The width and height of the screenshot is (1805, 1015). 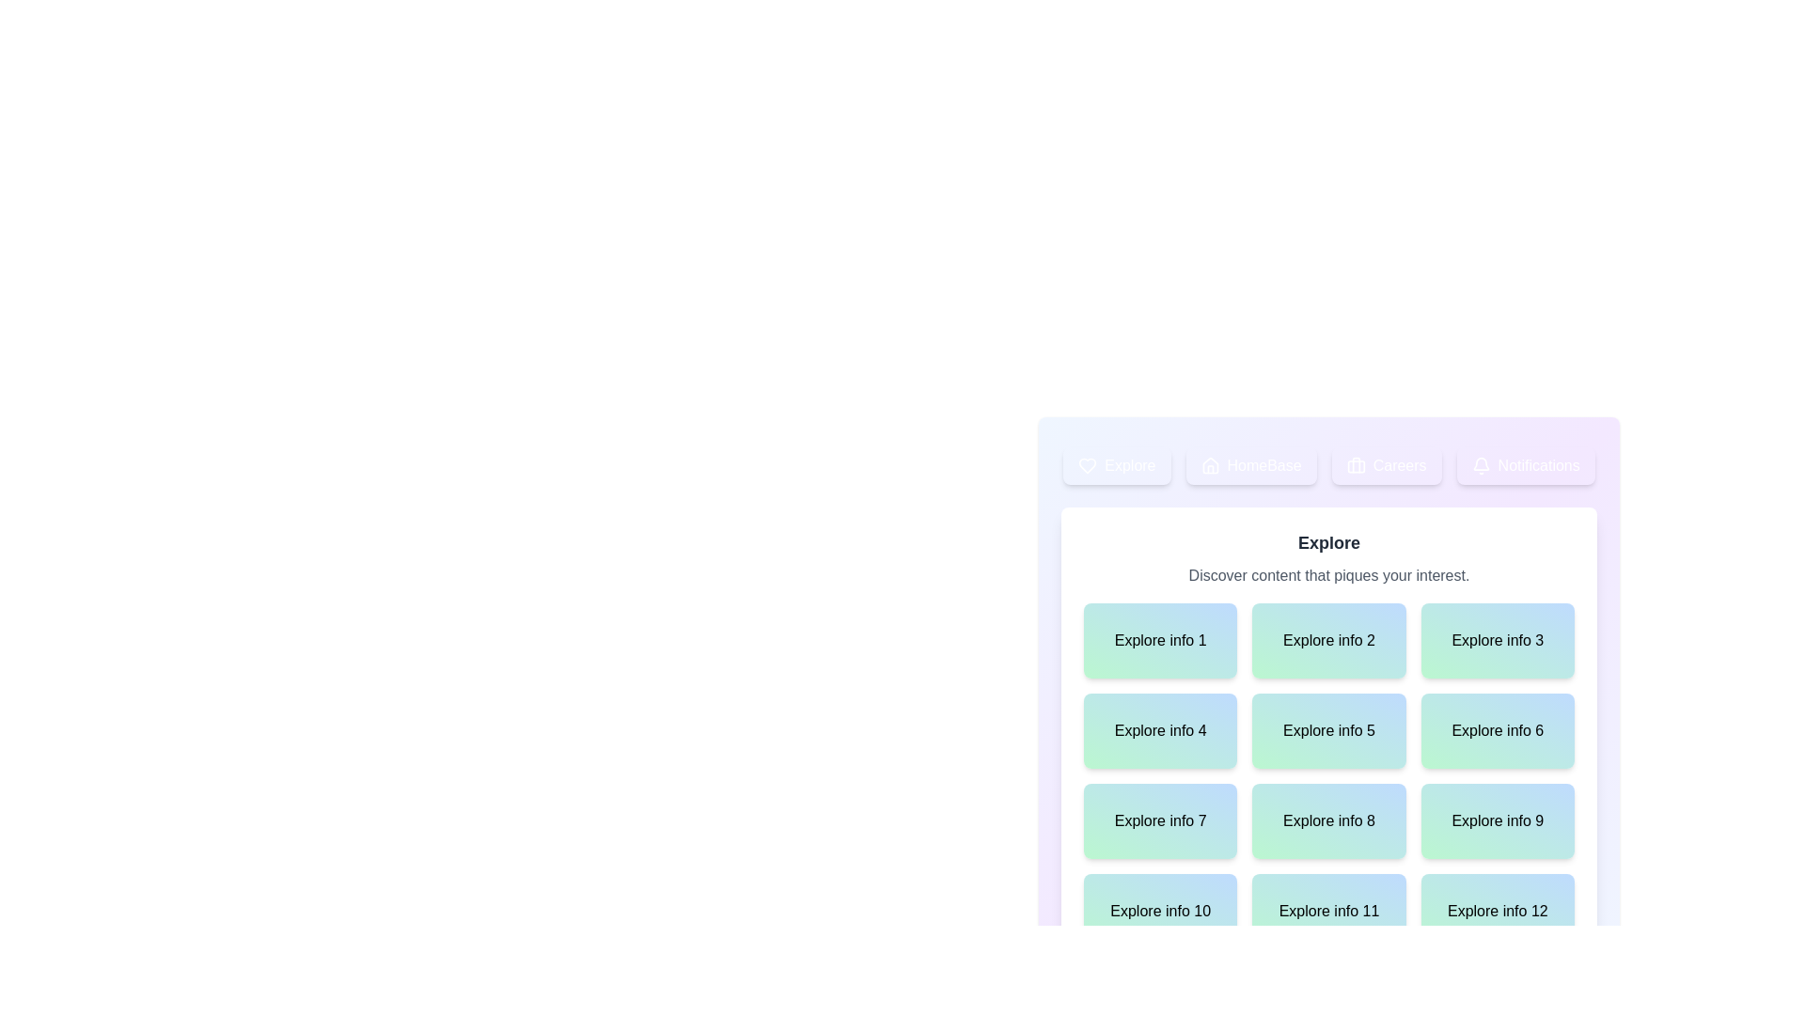 What do you see at coordinates (1251, 465) in the screenshot?
I see `the tab corresponding to HomeBase` at bounding box center [1251, 465].